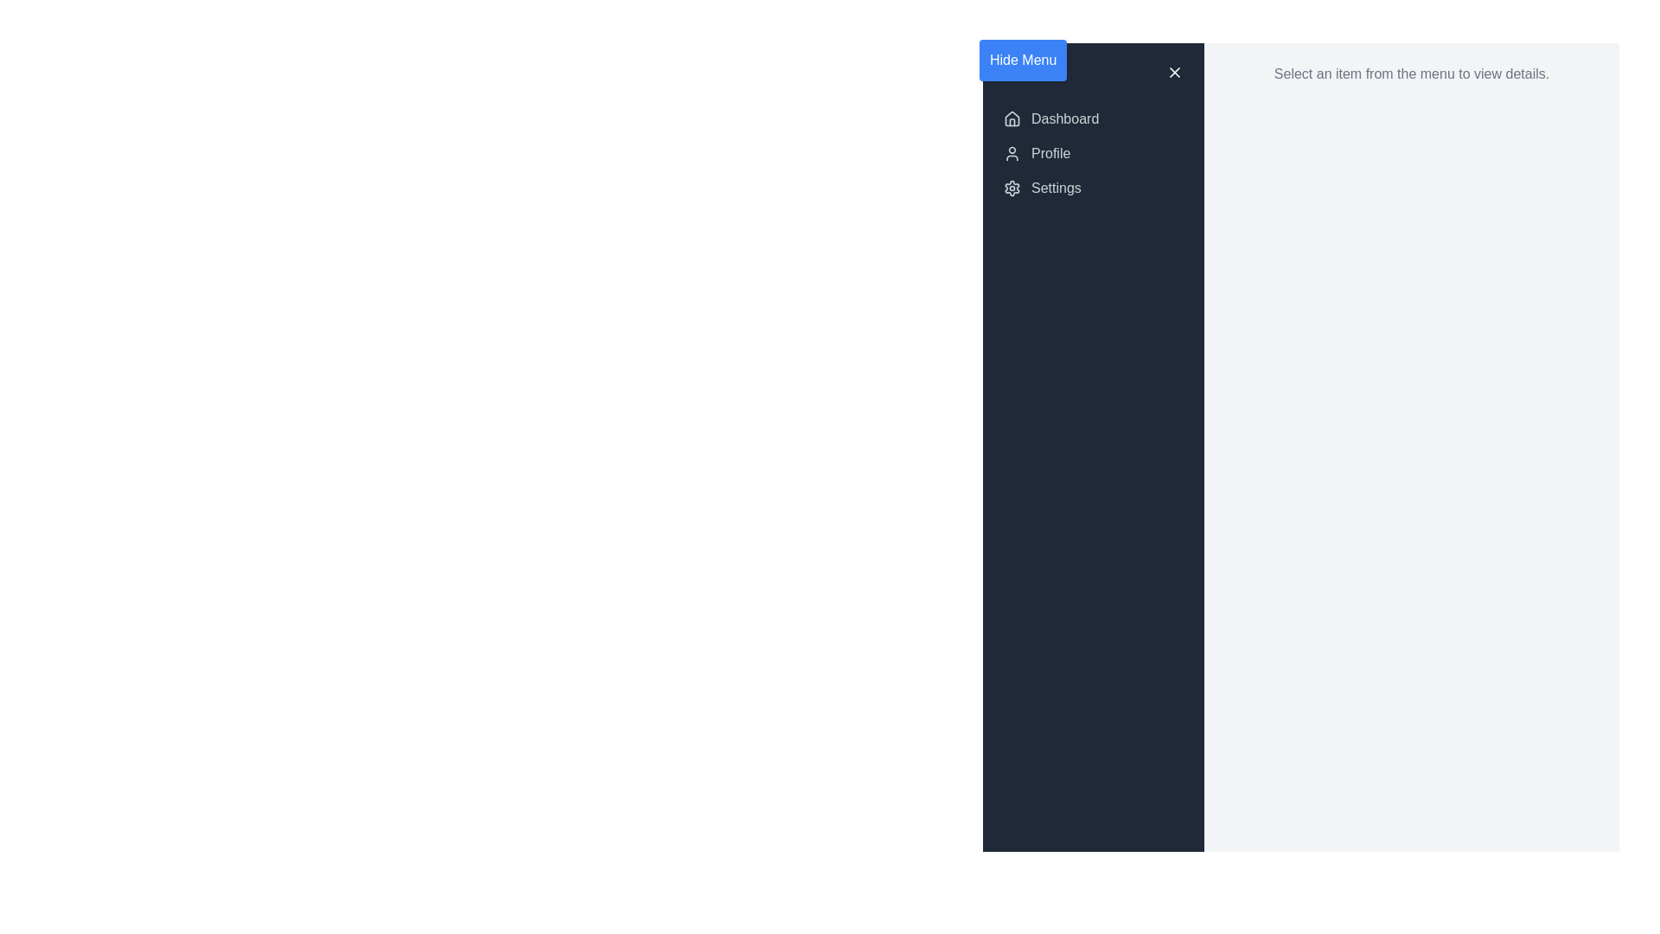 This screenshot has width=1660, height=934. What do you see at coordinates (1174, 72) in the screenshot?
I see `the 'X' button located in the top-right corner of the dark sidebar` at bounding box center [1174, 72].